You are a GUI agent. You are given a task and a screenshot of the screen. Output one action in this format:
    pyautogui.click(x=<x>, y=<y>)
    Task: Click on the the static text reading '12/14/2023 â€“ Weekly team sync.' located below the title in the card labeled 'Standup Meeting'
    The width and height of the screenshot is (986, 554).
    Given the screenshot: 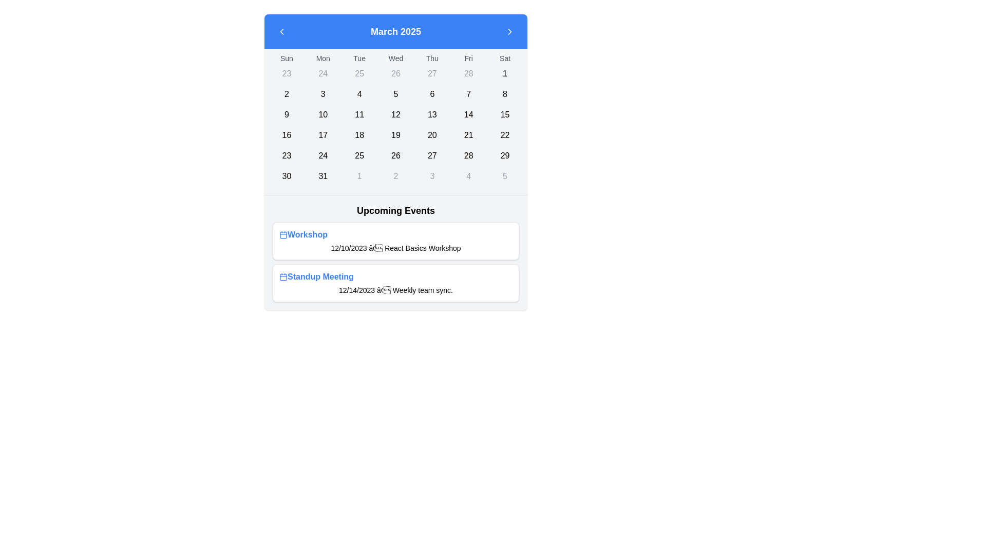 What is the action you would take?
    pyautogui.click(x=395, y=290)
    